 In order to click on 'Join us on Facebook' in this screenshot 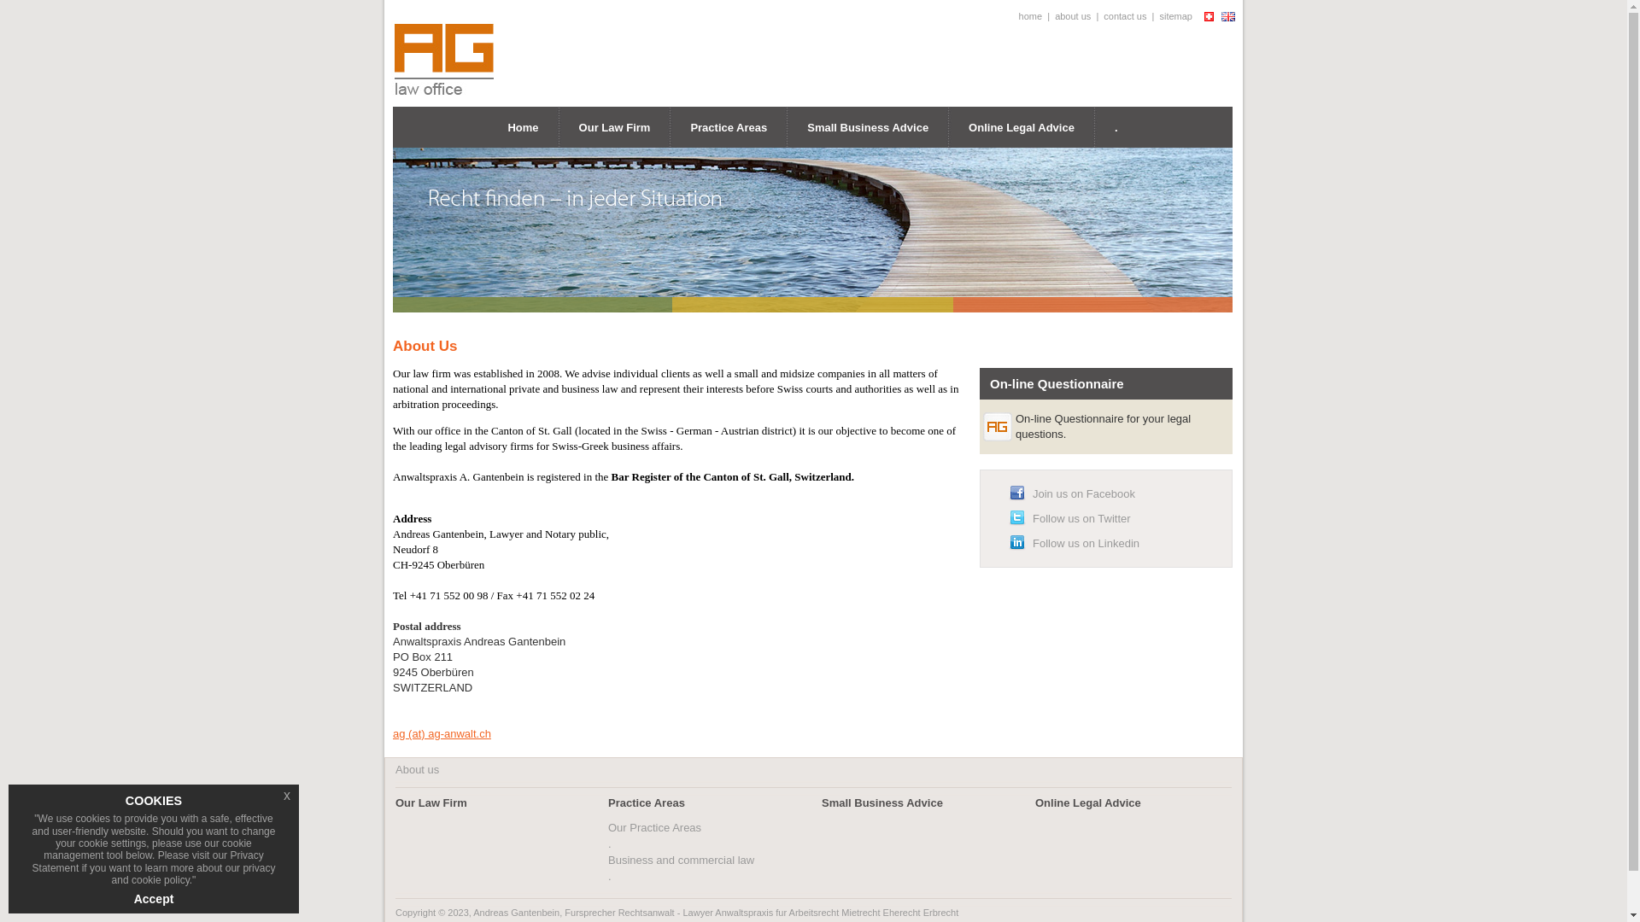, I will do `click(1082, 493)`.